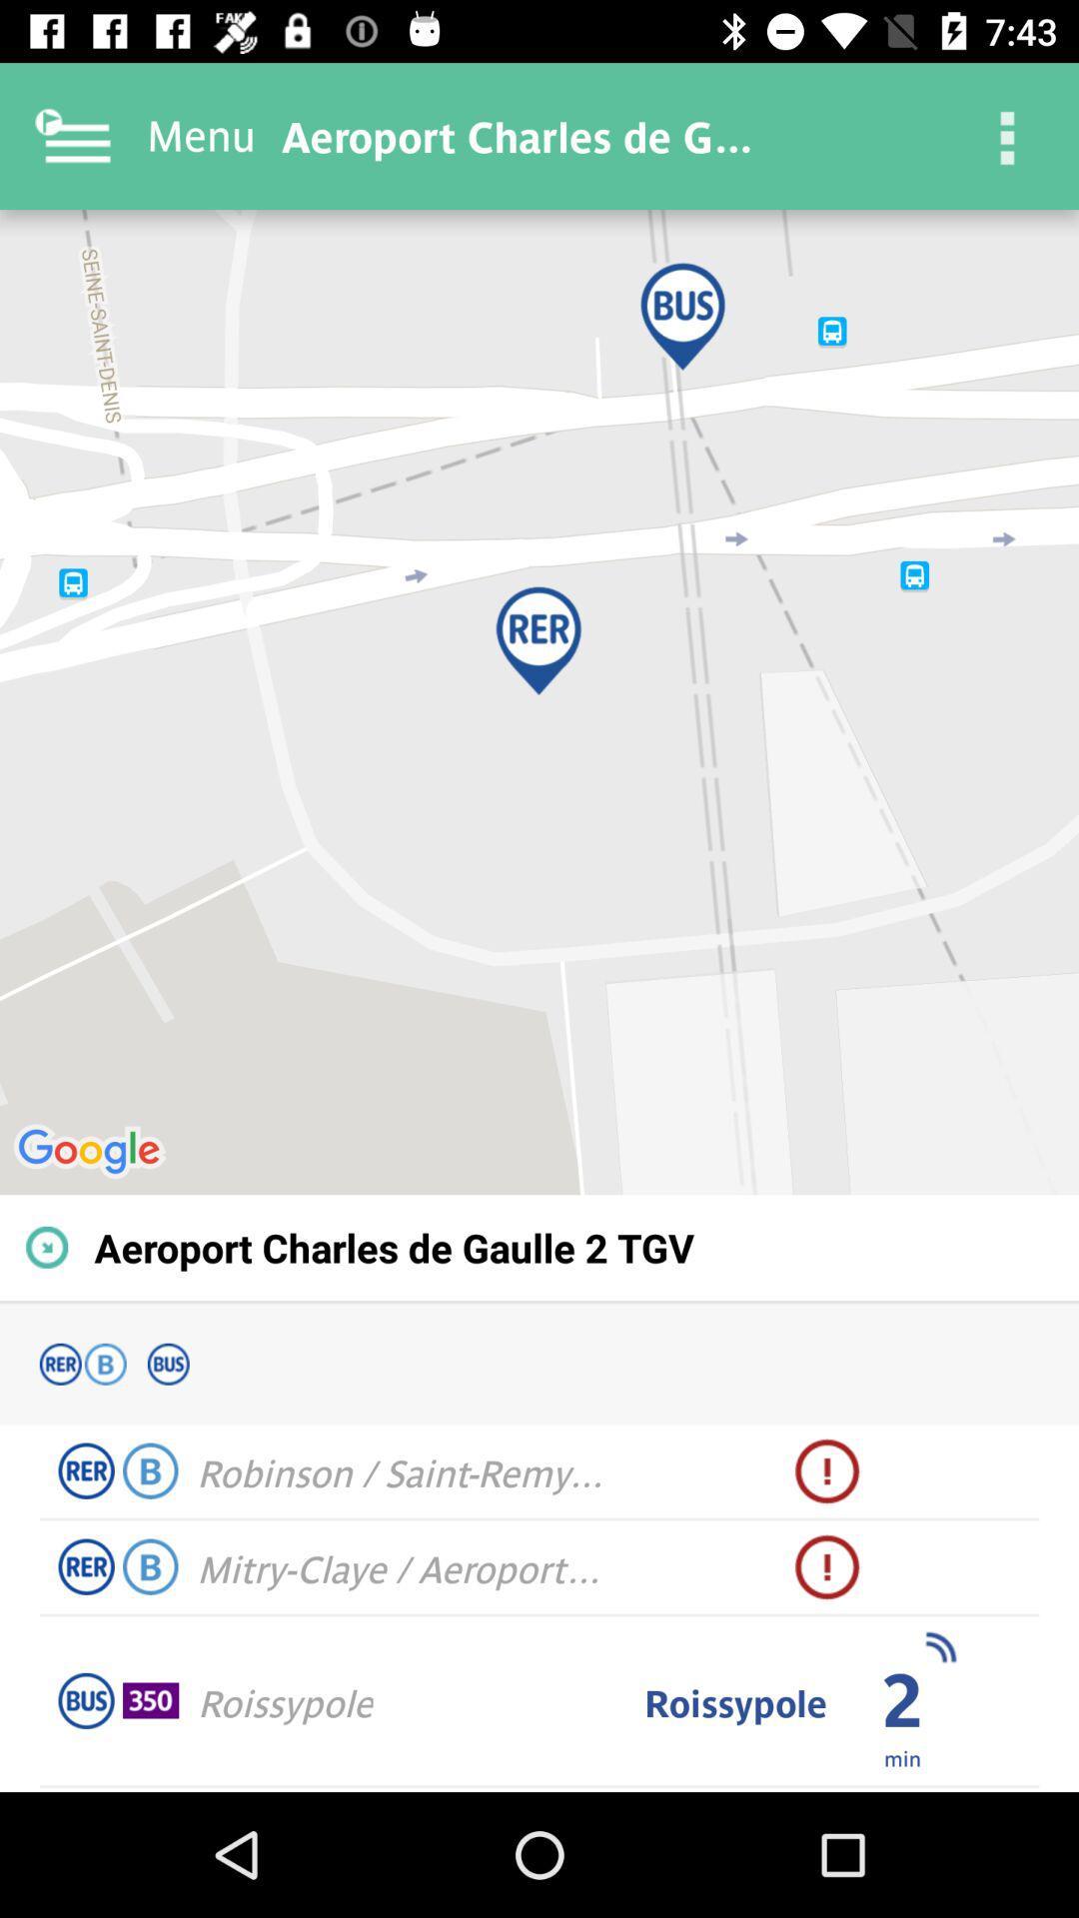 This screenshot has width=1079, height=1918. Describe the element at coordinates (150, 1699) in the screenshot. I see `item next to roissypole icon` at that location.